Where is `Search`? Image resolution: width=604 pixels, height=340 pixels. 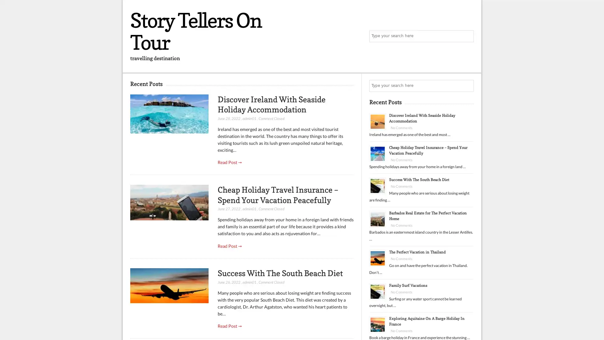
Search is located at coordinates (467, 36).